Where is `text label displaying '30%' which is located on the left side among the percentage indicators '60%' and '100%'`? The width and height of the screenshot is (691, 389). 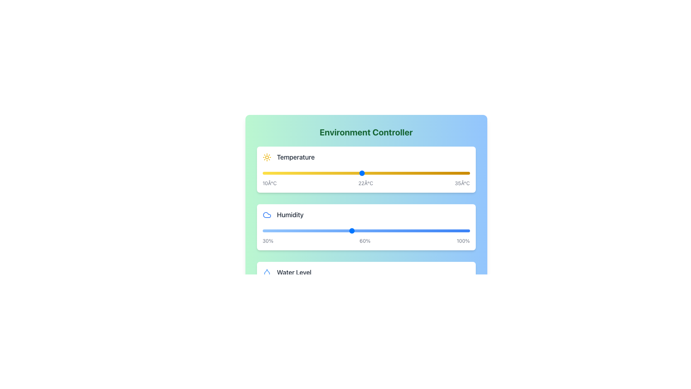
text label displaying '30%' which is located on the left side among the percentage indicators '60%' and '100%' is located at coordinates (267, 241).